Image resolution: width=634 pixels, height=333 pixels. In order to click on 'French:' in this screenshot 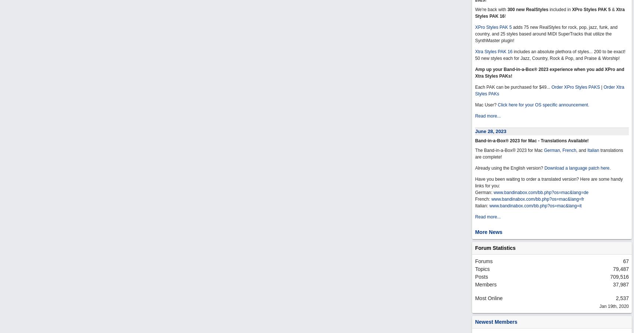, I will do `click(483, 198)`.